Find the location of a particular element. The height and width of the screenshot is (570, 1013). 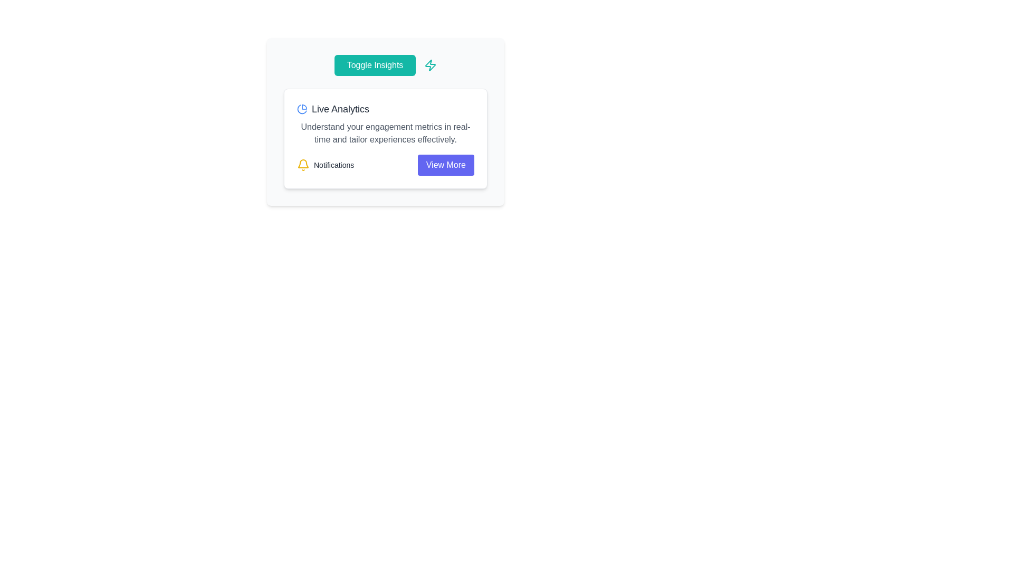

the analytics icon located at the leftmost end of the group in the top section of the content card, preceding the text 'Live Analytics' is located at coordinates (301, 109).